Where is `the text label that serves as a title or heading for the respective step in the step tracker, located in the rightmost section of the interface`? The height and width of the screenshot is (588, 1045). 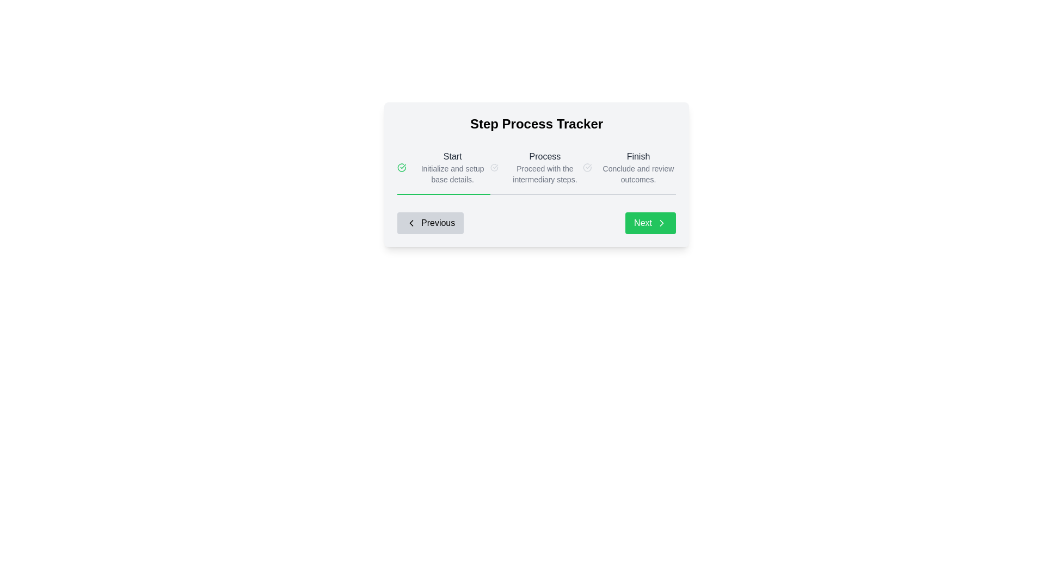
the text label that serves as a title or heading for the respective step in the step tracker, located in the rightmost section of the interface is located at coordinates (638, 157).